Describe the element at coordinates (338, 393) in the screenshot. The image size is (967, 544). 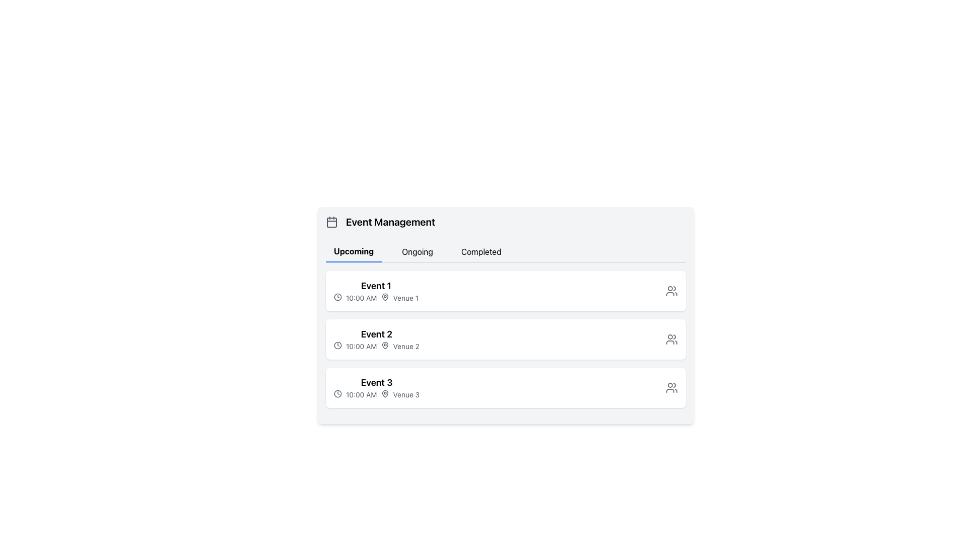
I see `the circular outline of the clock icon next to 'Event 3' in the third event row of the 'Upcoming' tab in the 'Event Management' interface` at that location.